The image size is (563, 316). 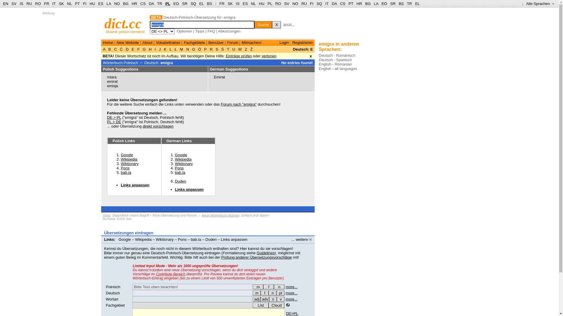 I want to click on 'English - all languages', so click(x=338, y=68).